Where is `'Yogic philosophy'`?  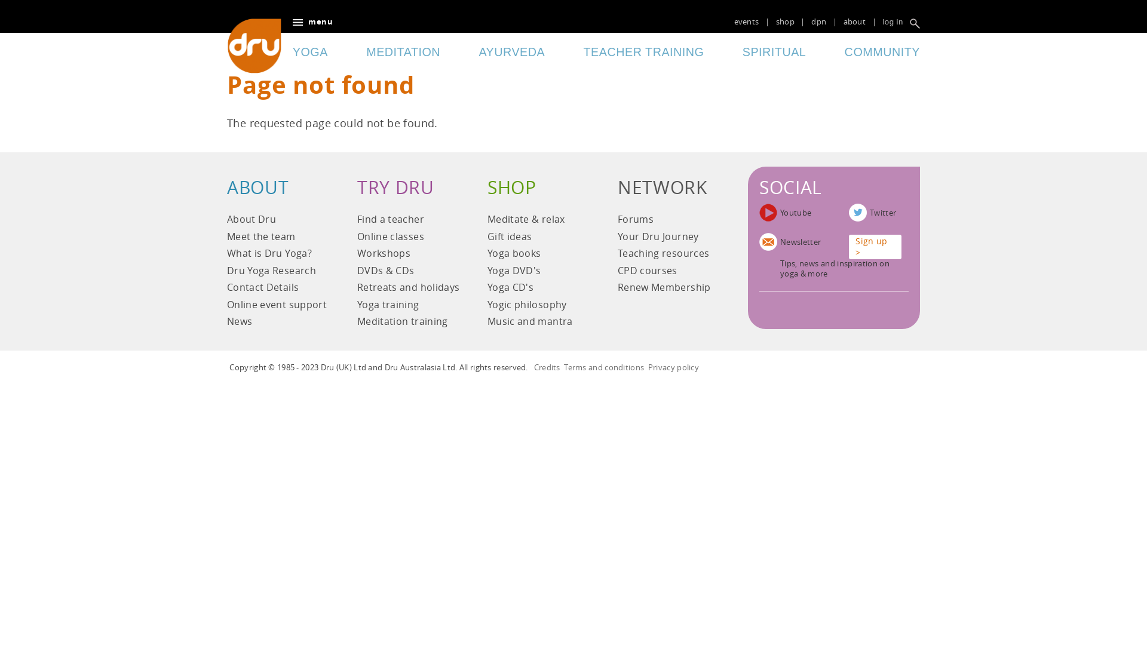 'Yogic philosophy' is located at coordinates (538, 306).